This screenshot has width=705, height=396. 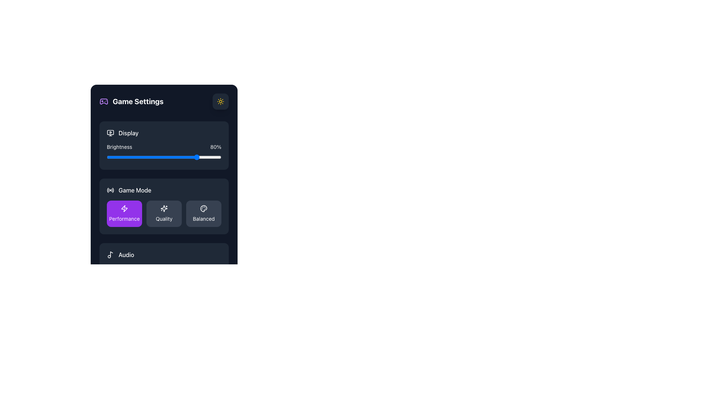 What do you see at coordinates (182, 157) in the screenshot?
I see `brightness level` at bounding box center [182, 157].